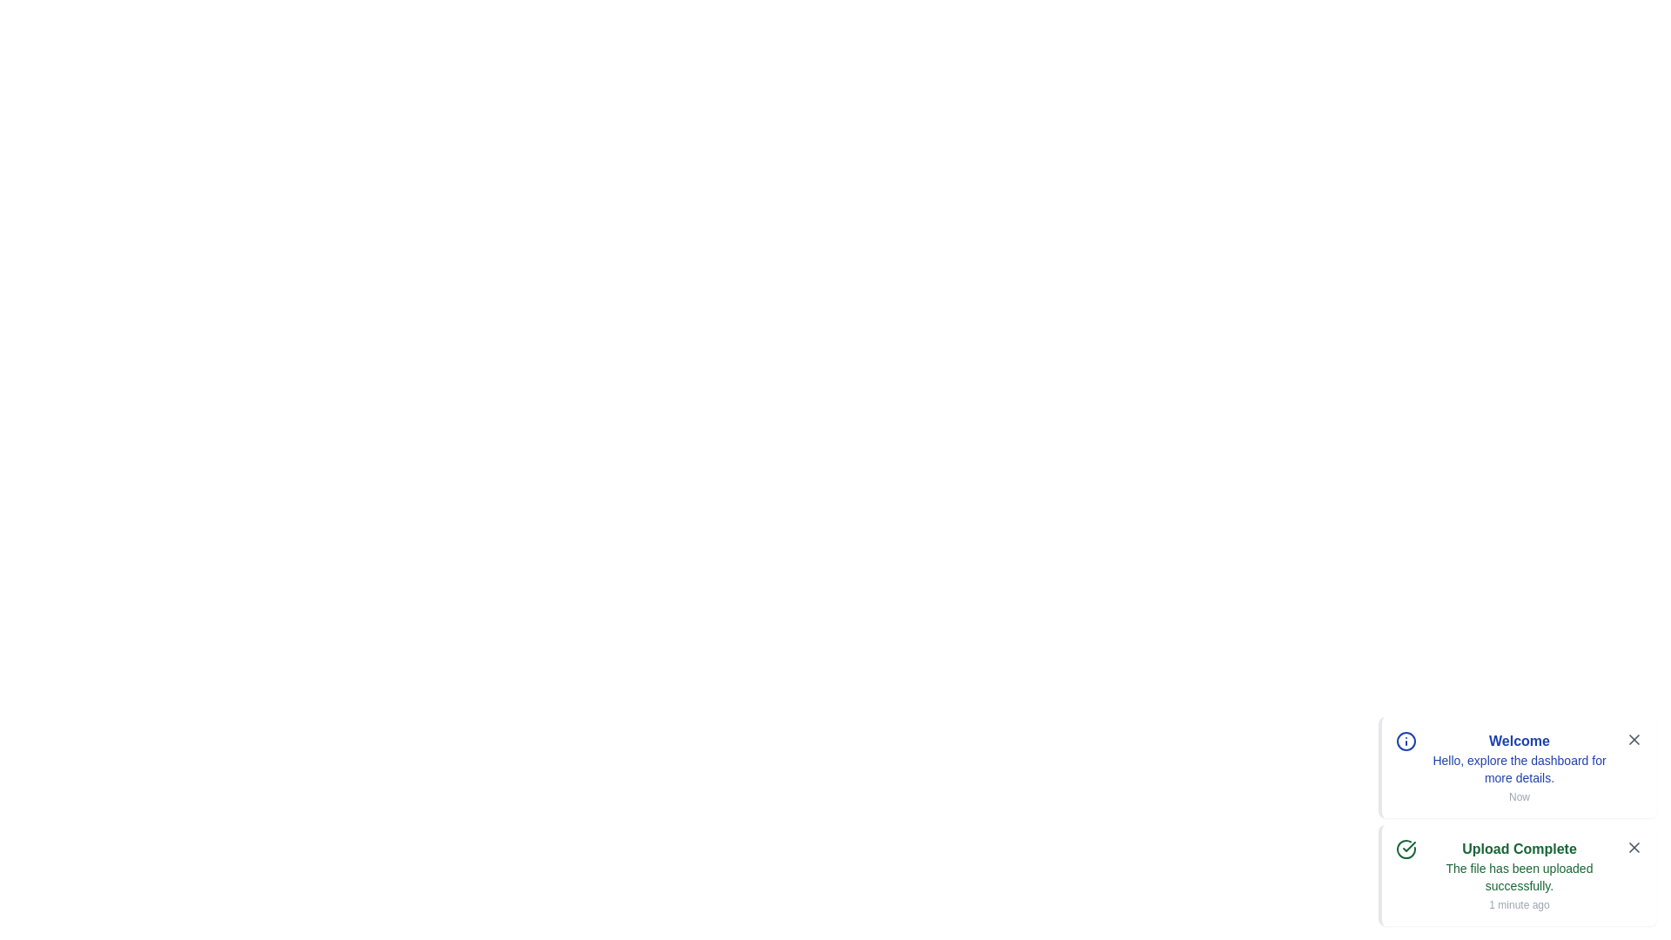 Image resolution: width=1671 pixels, height=940 pixels. Describe the element at coordinates (1516, 876) in the screenshot. I see `the notification identified by Upload Complete` at that location.